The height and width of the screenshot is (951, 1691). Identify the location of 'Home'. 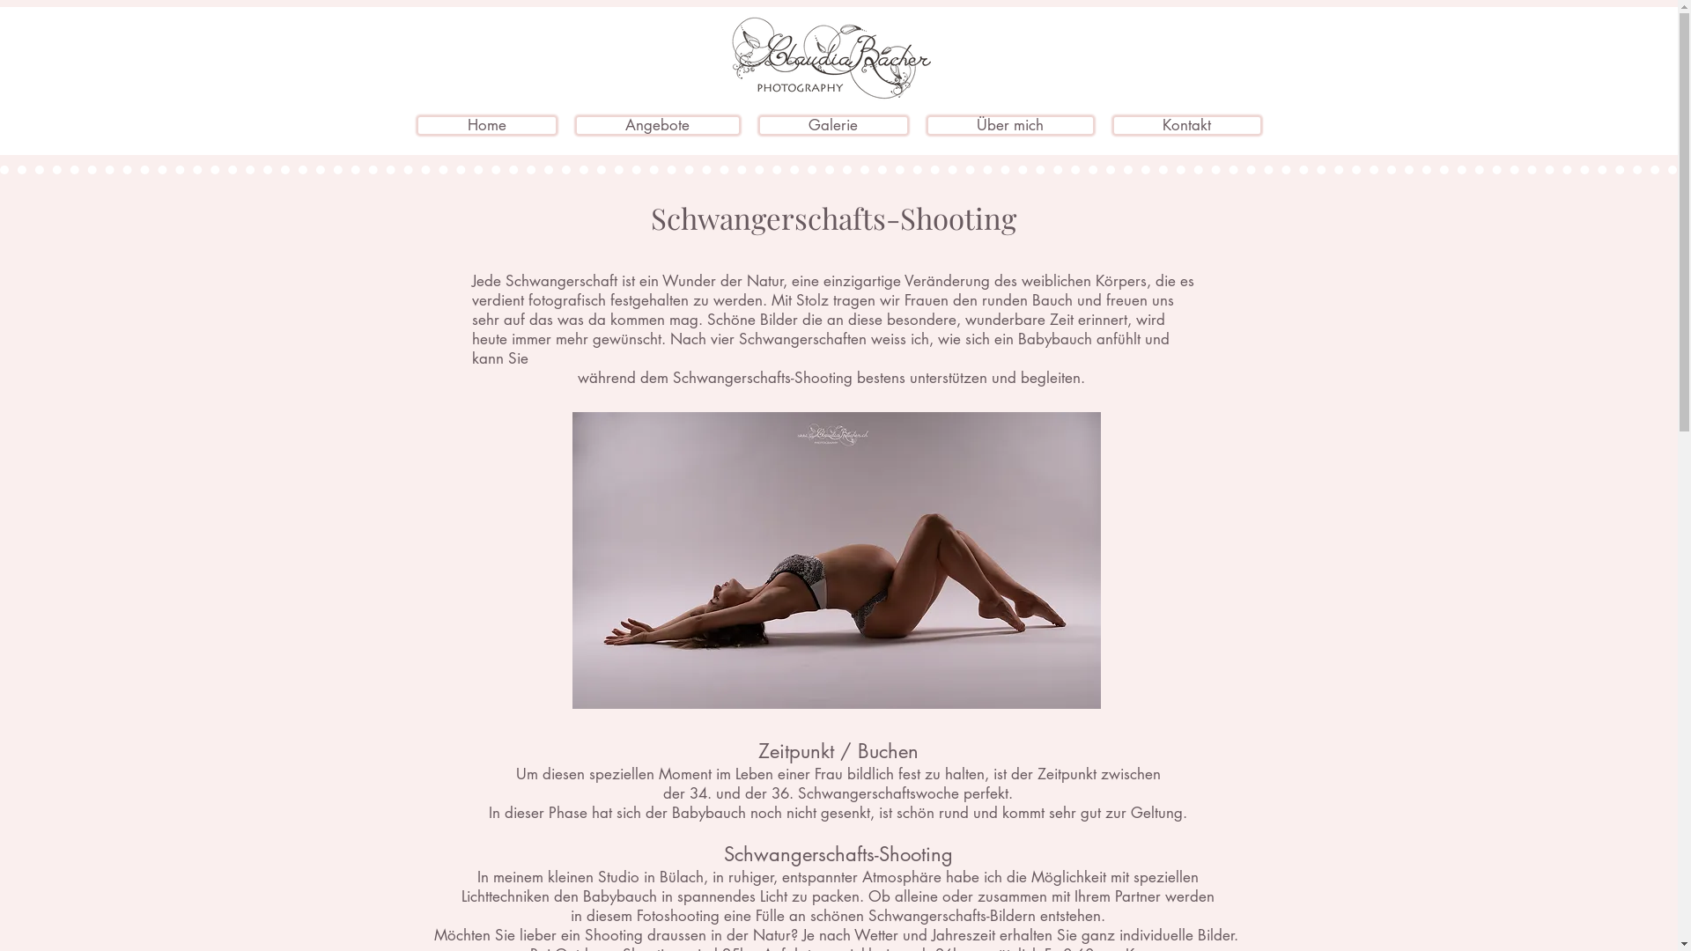
(414, 124).